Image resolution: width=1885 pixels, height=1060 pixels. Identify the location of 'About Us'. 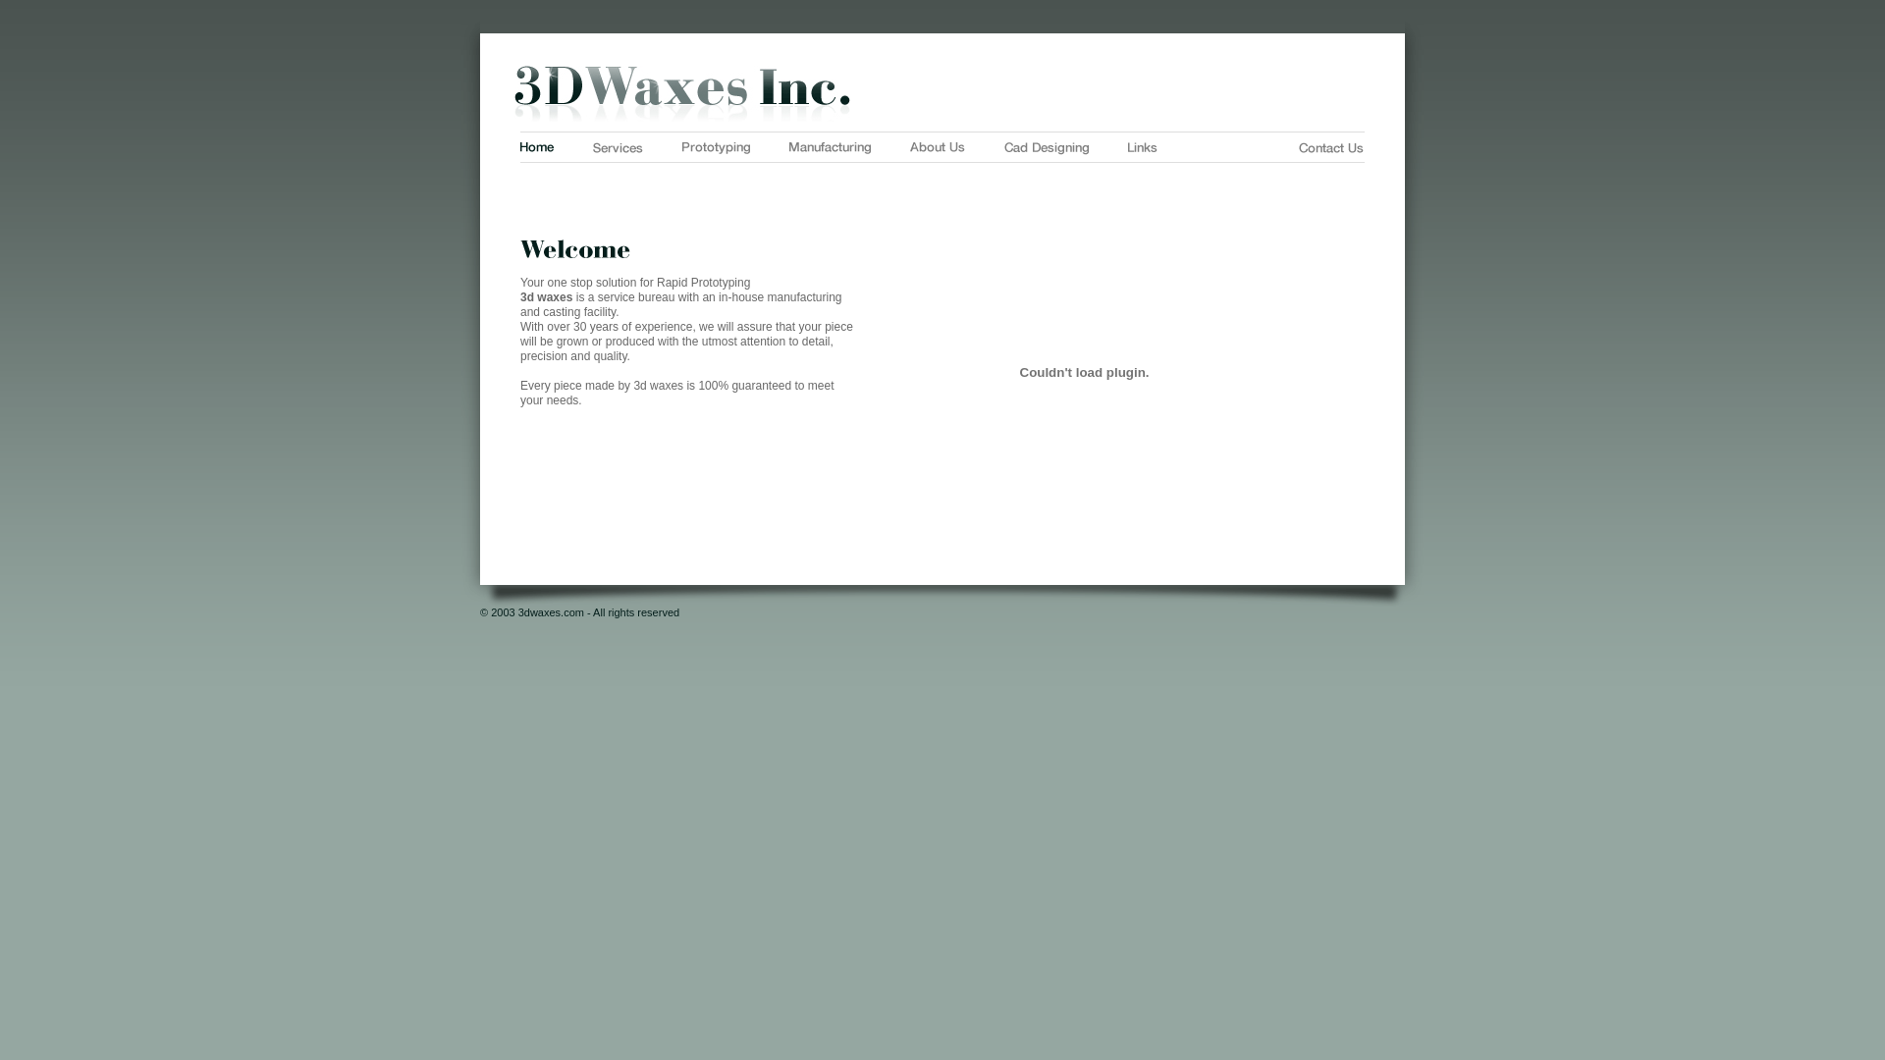
(937, 146).